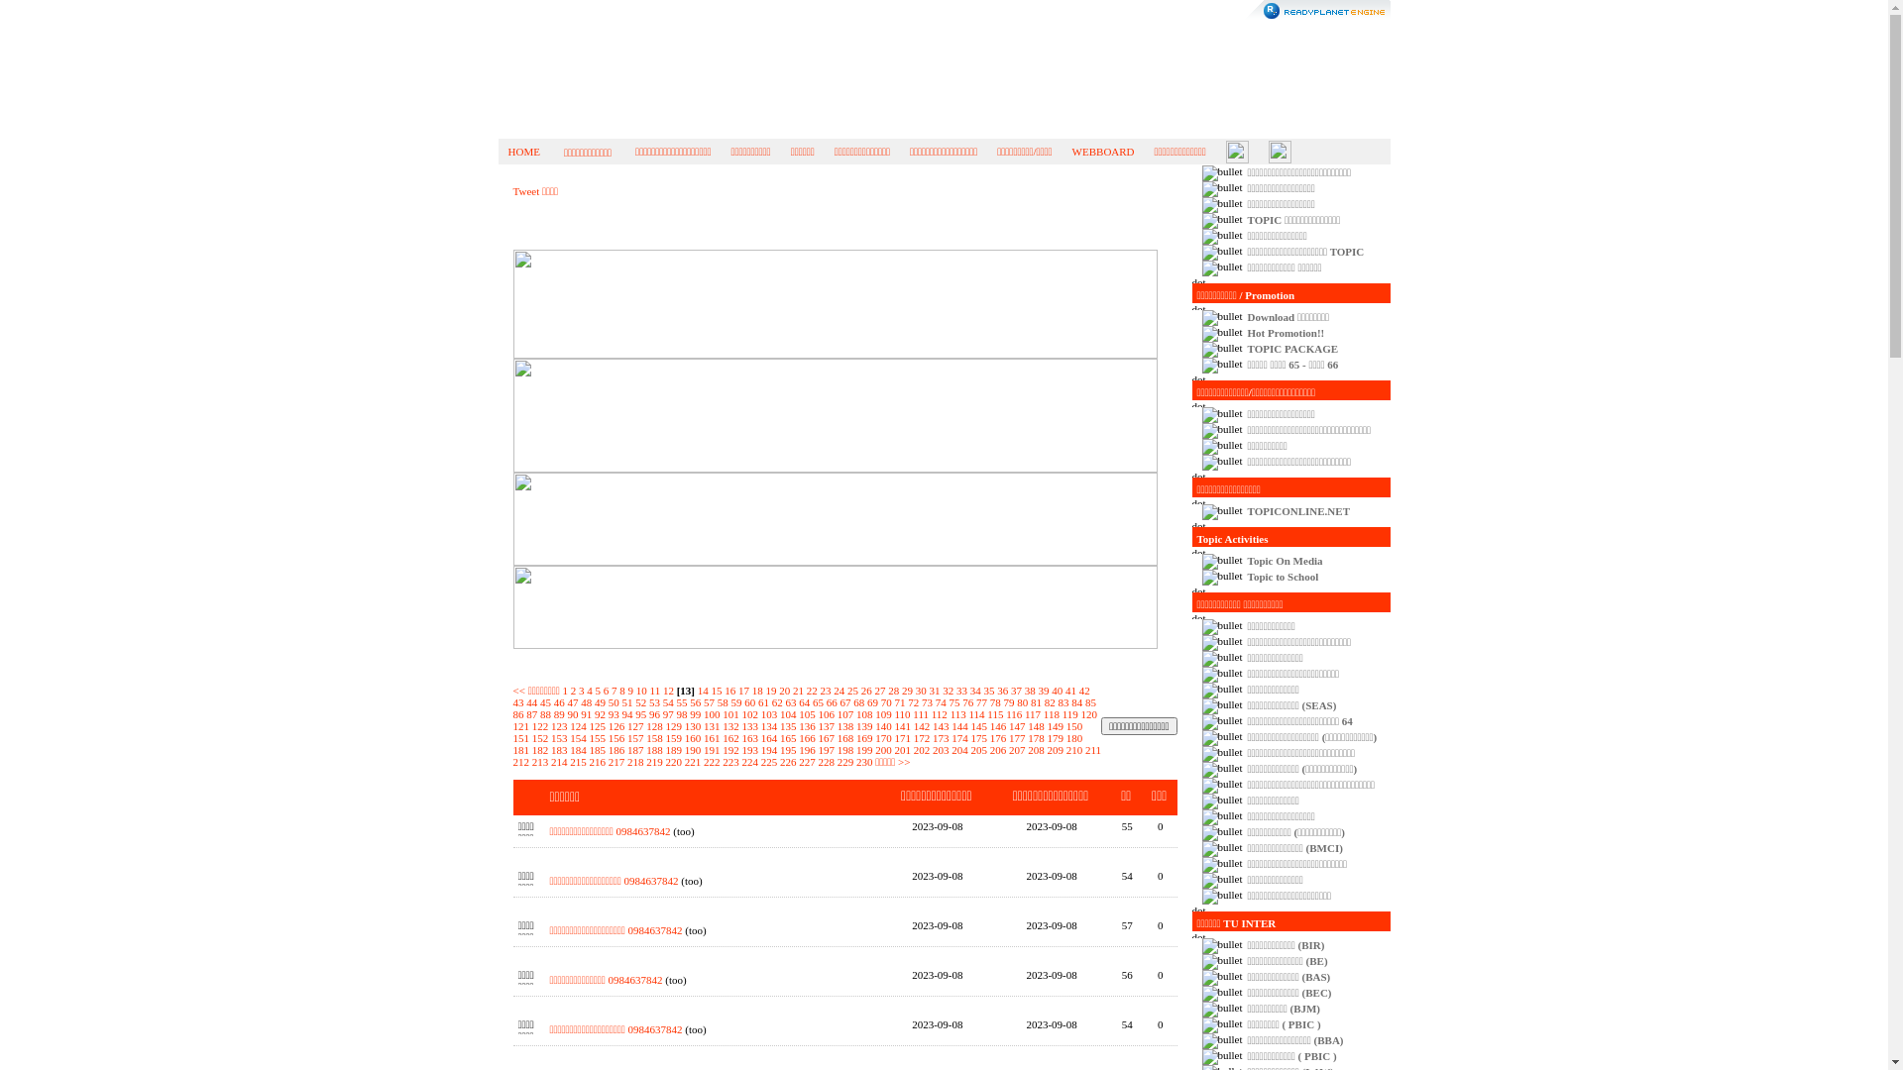  Describe the element at coordinates (768, 760) in the screenshot. I see `'225'` at that location.